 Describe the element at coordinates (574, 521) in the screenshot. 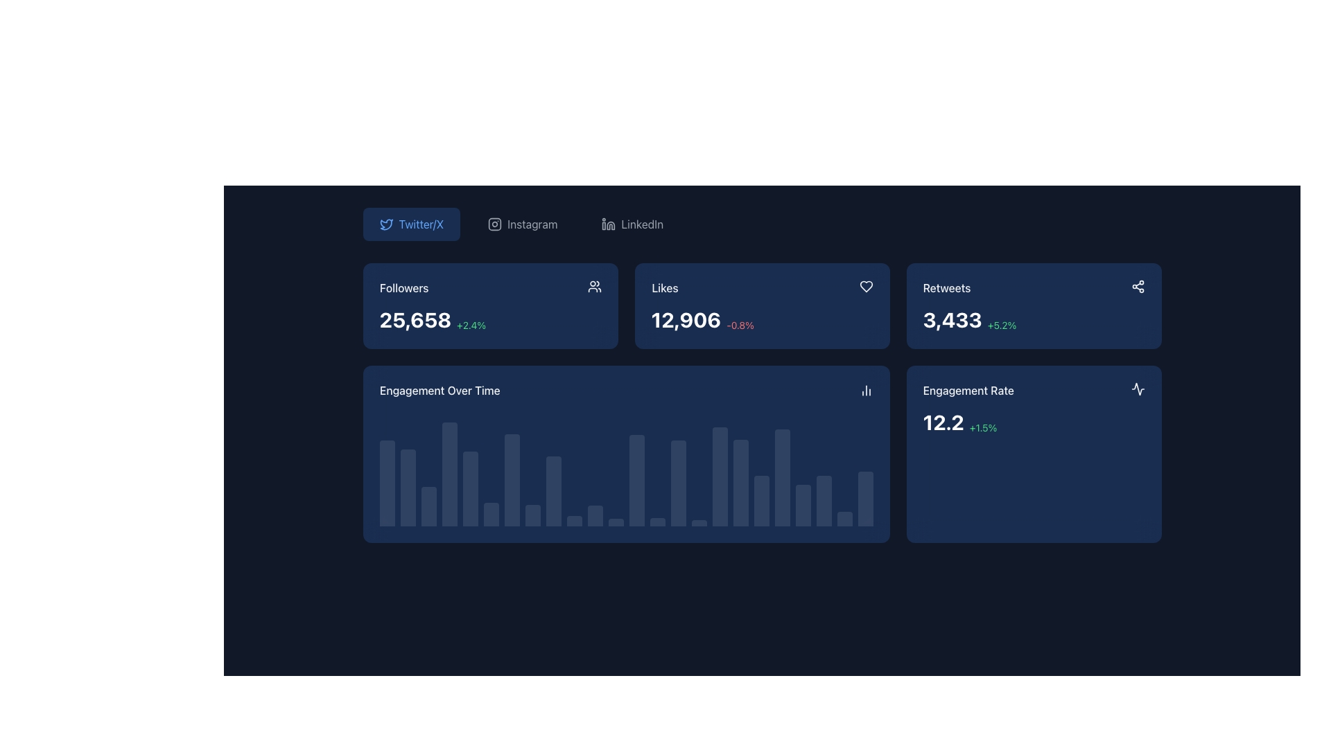

I see `the tenth data visualization bar in the 'Engagement Over Time' section` at that location.